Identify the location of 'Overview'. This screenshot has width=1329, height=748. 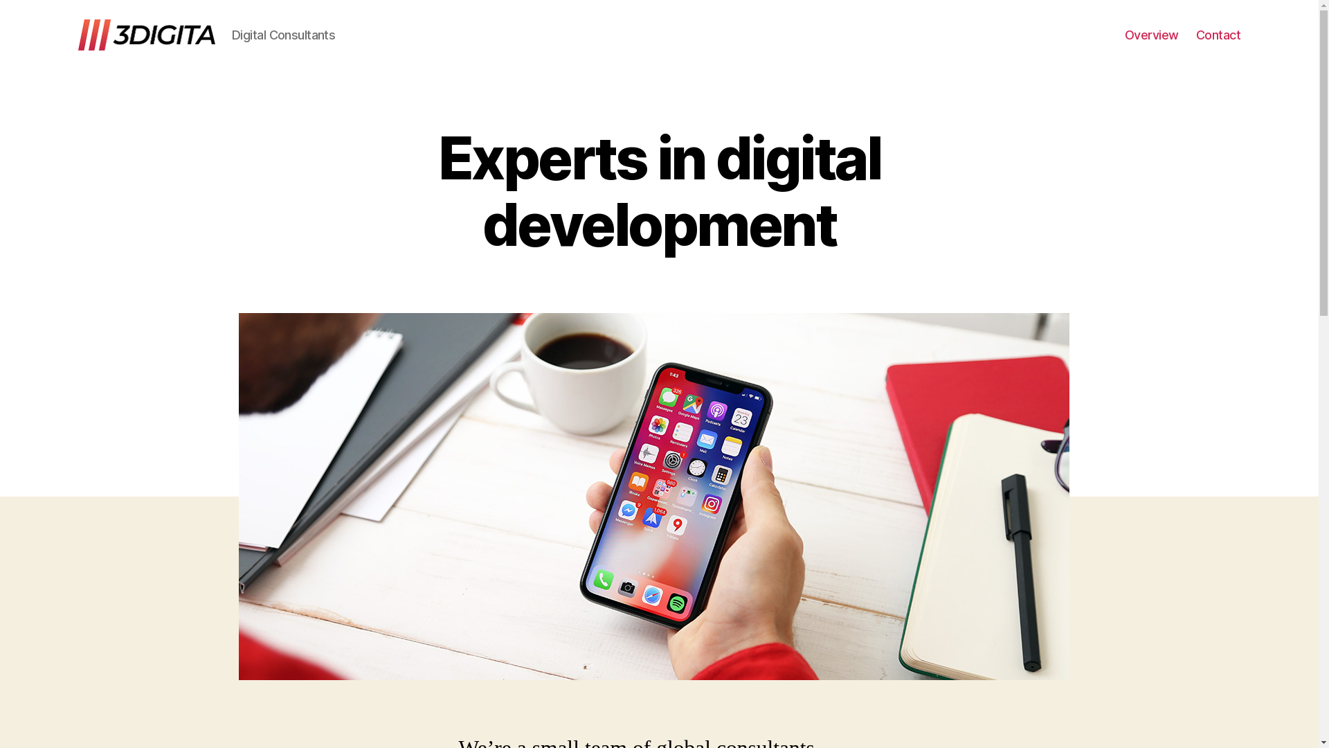
(1152, 34).